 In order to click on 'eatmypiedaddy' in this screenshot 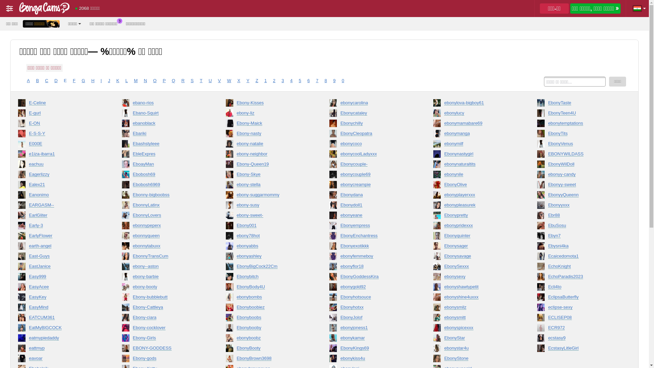, I will do `click(60, 339)`.